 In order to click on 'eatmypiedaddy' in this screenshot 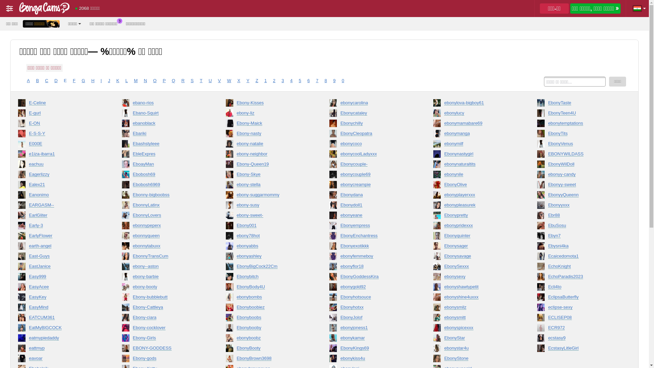, I will do `click(60, 339)`.